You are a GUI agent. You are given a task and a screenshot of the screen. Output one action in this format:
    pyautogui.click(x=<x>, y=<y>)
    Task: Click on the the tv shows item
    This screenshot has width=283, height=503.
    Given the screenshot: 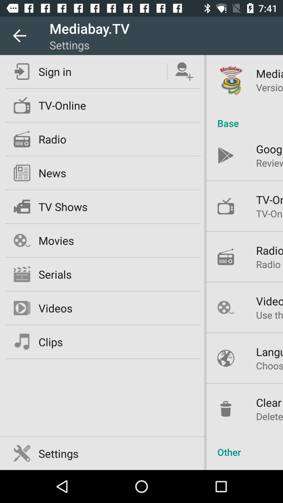 What is the action you would take?
    pyautogui.click(x=63, y=206)
    